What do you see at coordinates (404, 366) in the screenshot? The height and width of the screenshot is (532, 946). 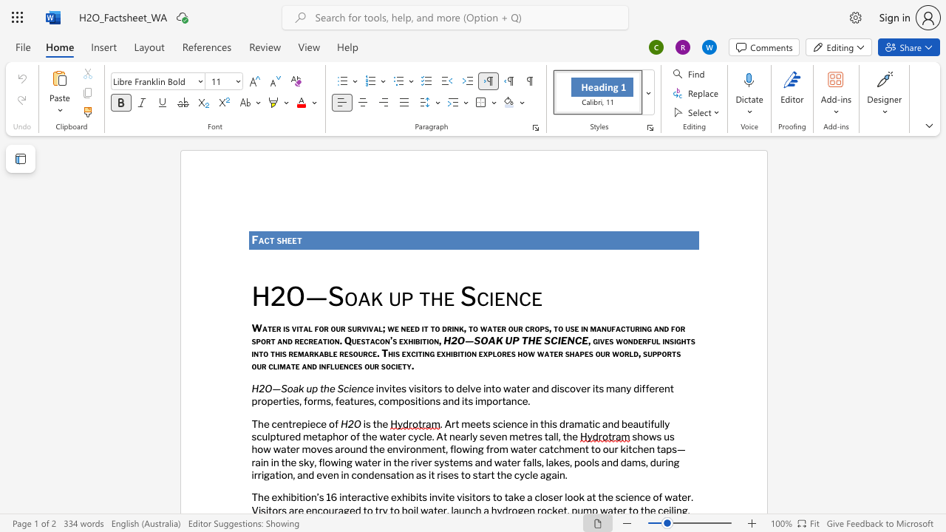 I see `the 1th character "t" in the text` at bounding box center [404, 366].